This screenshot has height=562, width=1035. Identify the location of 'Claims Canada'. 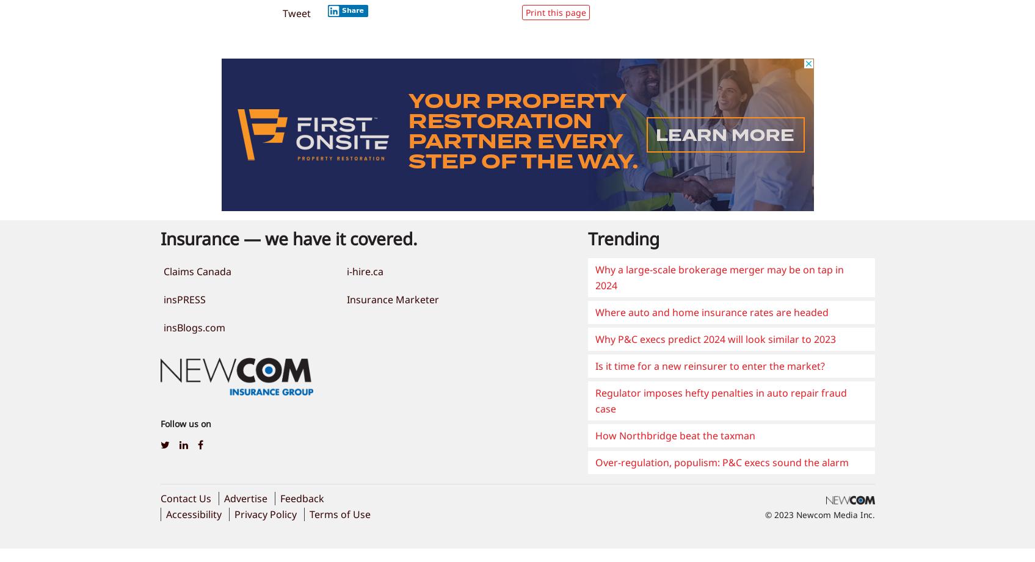
(197, 271).